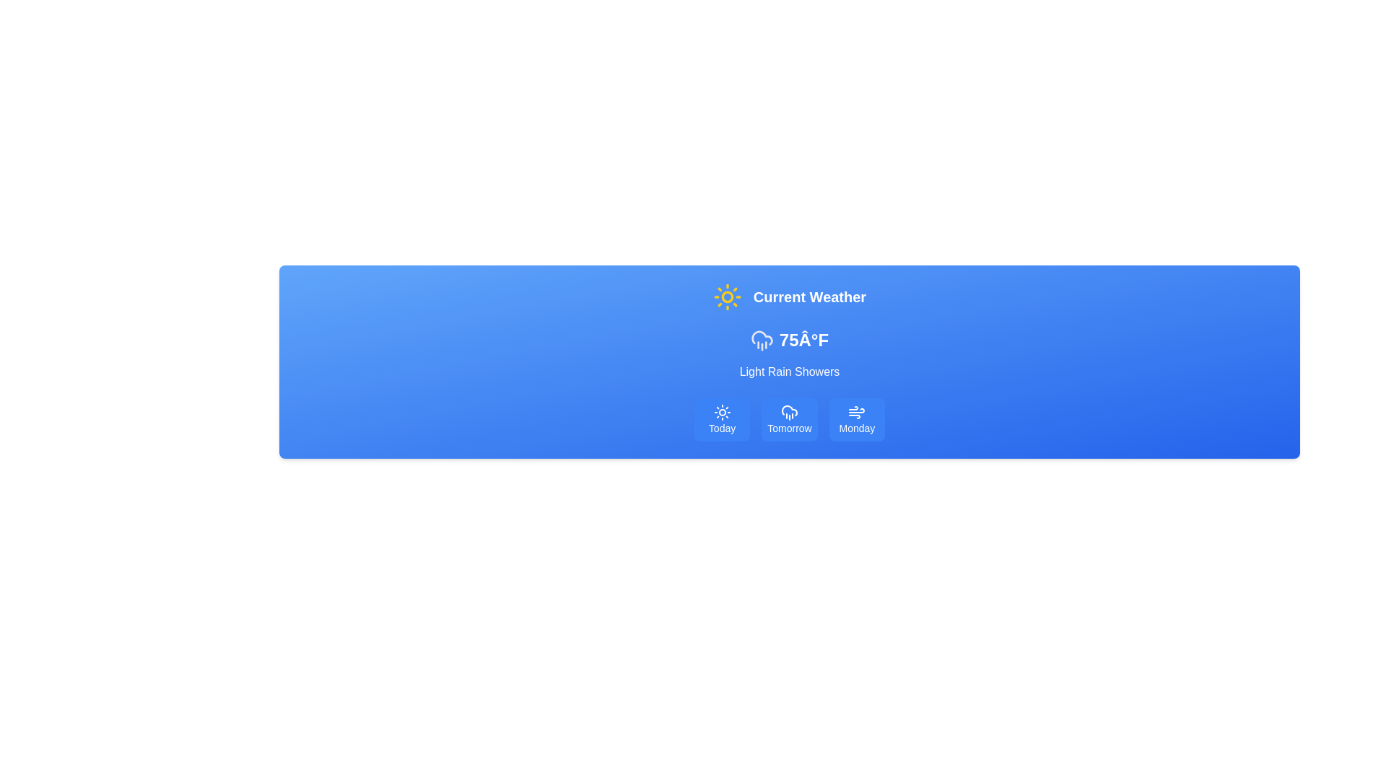  Describe the element at coordinates (789, 420) in the screenshot. I see `'Tomorrow' button with a blue background and rounded corners located in the center of three buttons in the weather forecast section` at that location.